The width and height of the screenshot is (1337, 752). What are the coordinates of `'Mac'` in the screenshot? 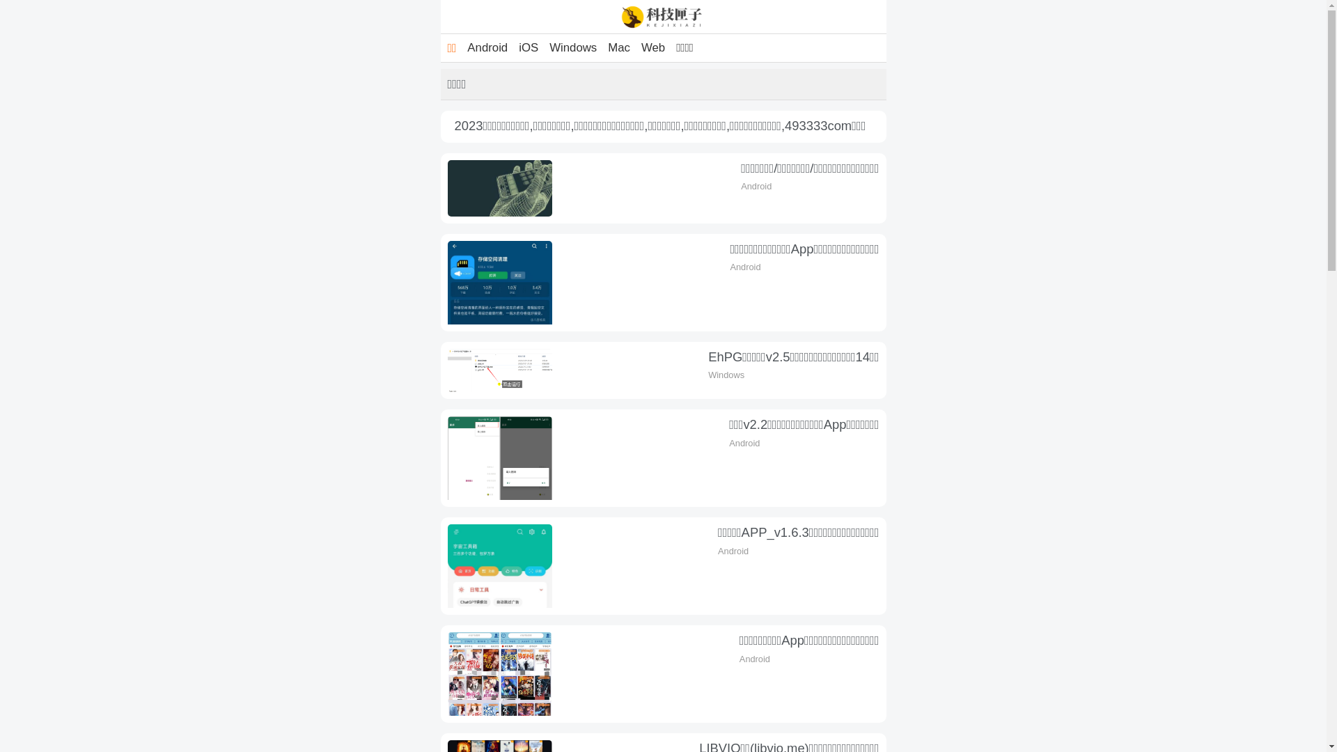 It's located at (618, 47).